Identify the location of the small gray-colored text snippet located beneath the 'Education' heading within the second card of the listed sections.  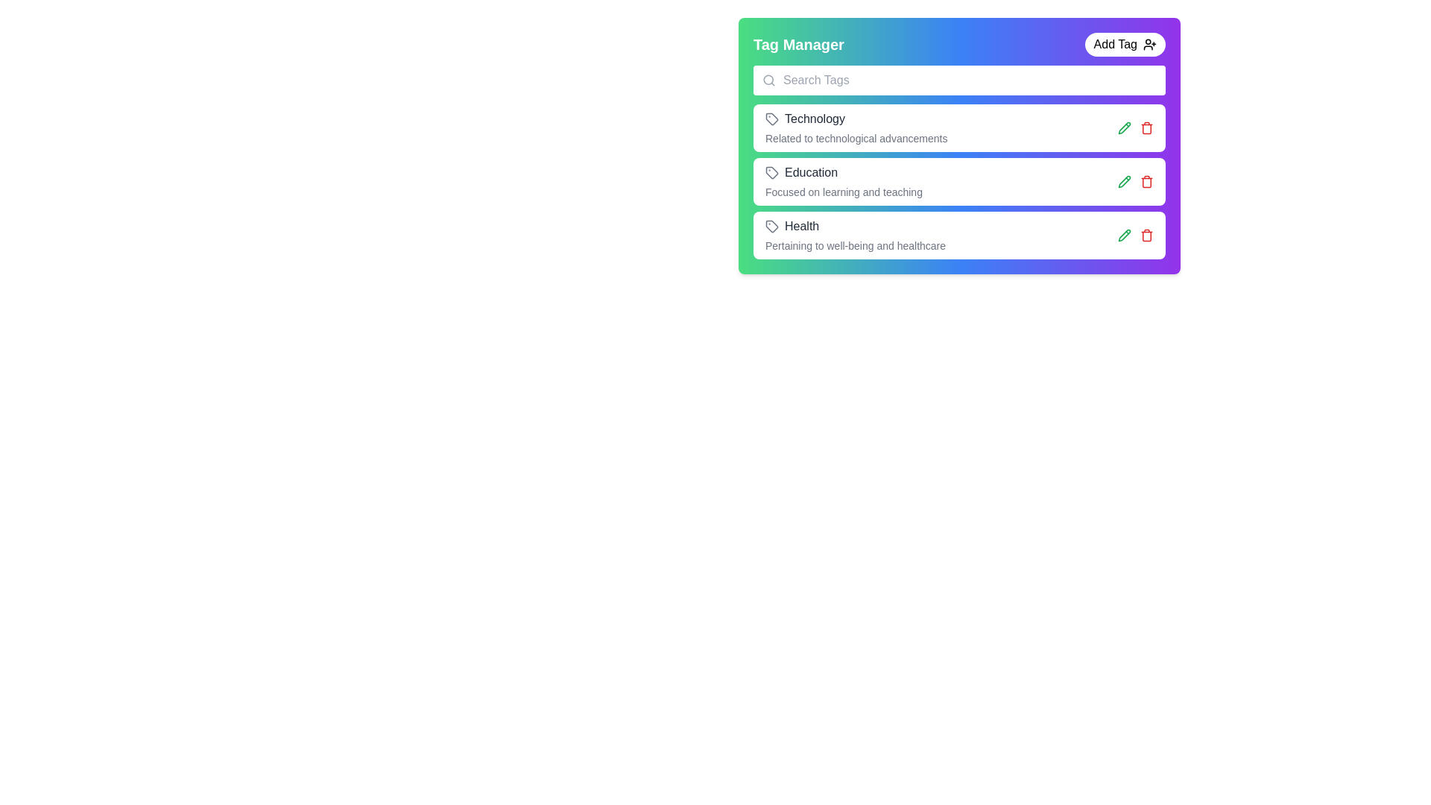
(844, 192).